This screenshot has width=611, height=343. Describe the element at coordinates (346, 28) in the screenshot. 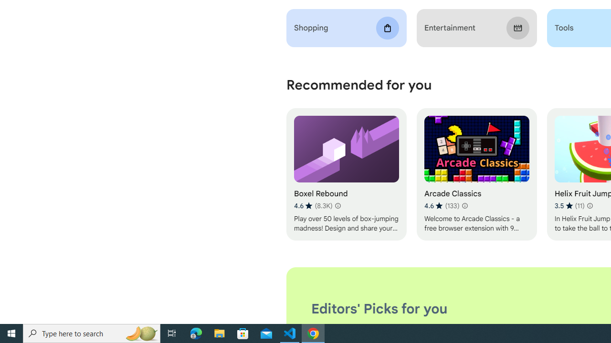

I see `'Shopping'` at that location.